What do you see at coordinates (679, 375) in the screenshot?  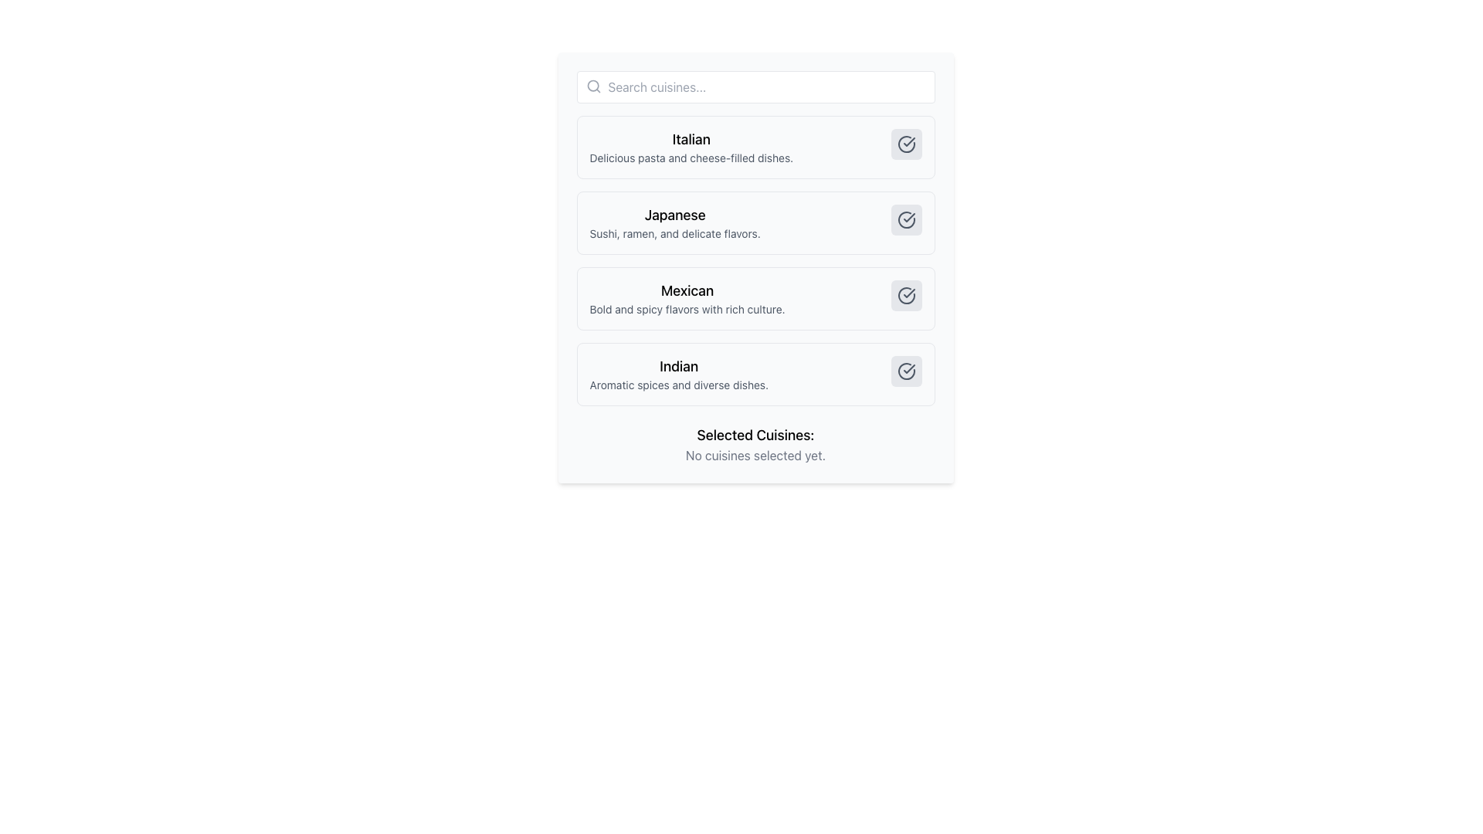 I see `the label displaying 'Indian' with the description 'Aromatic spices and diverse dishes.'` at bounding box center [679, 375].